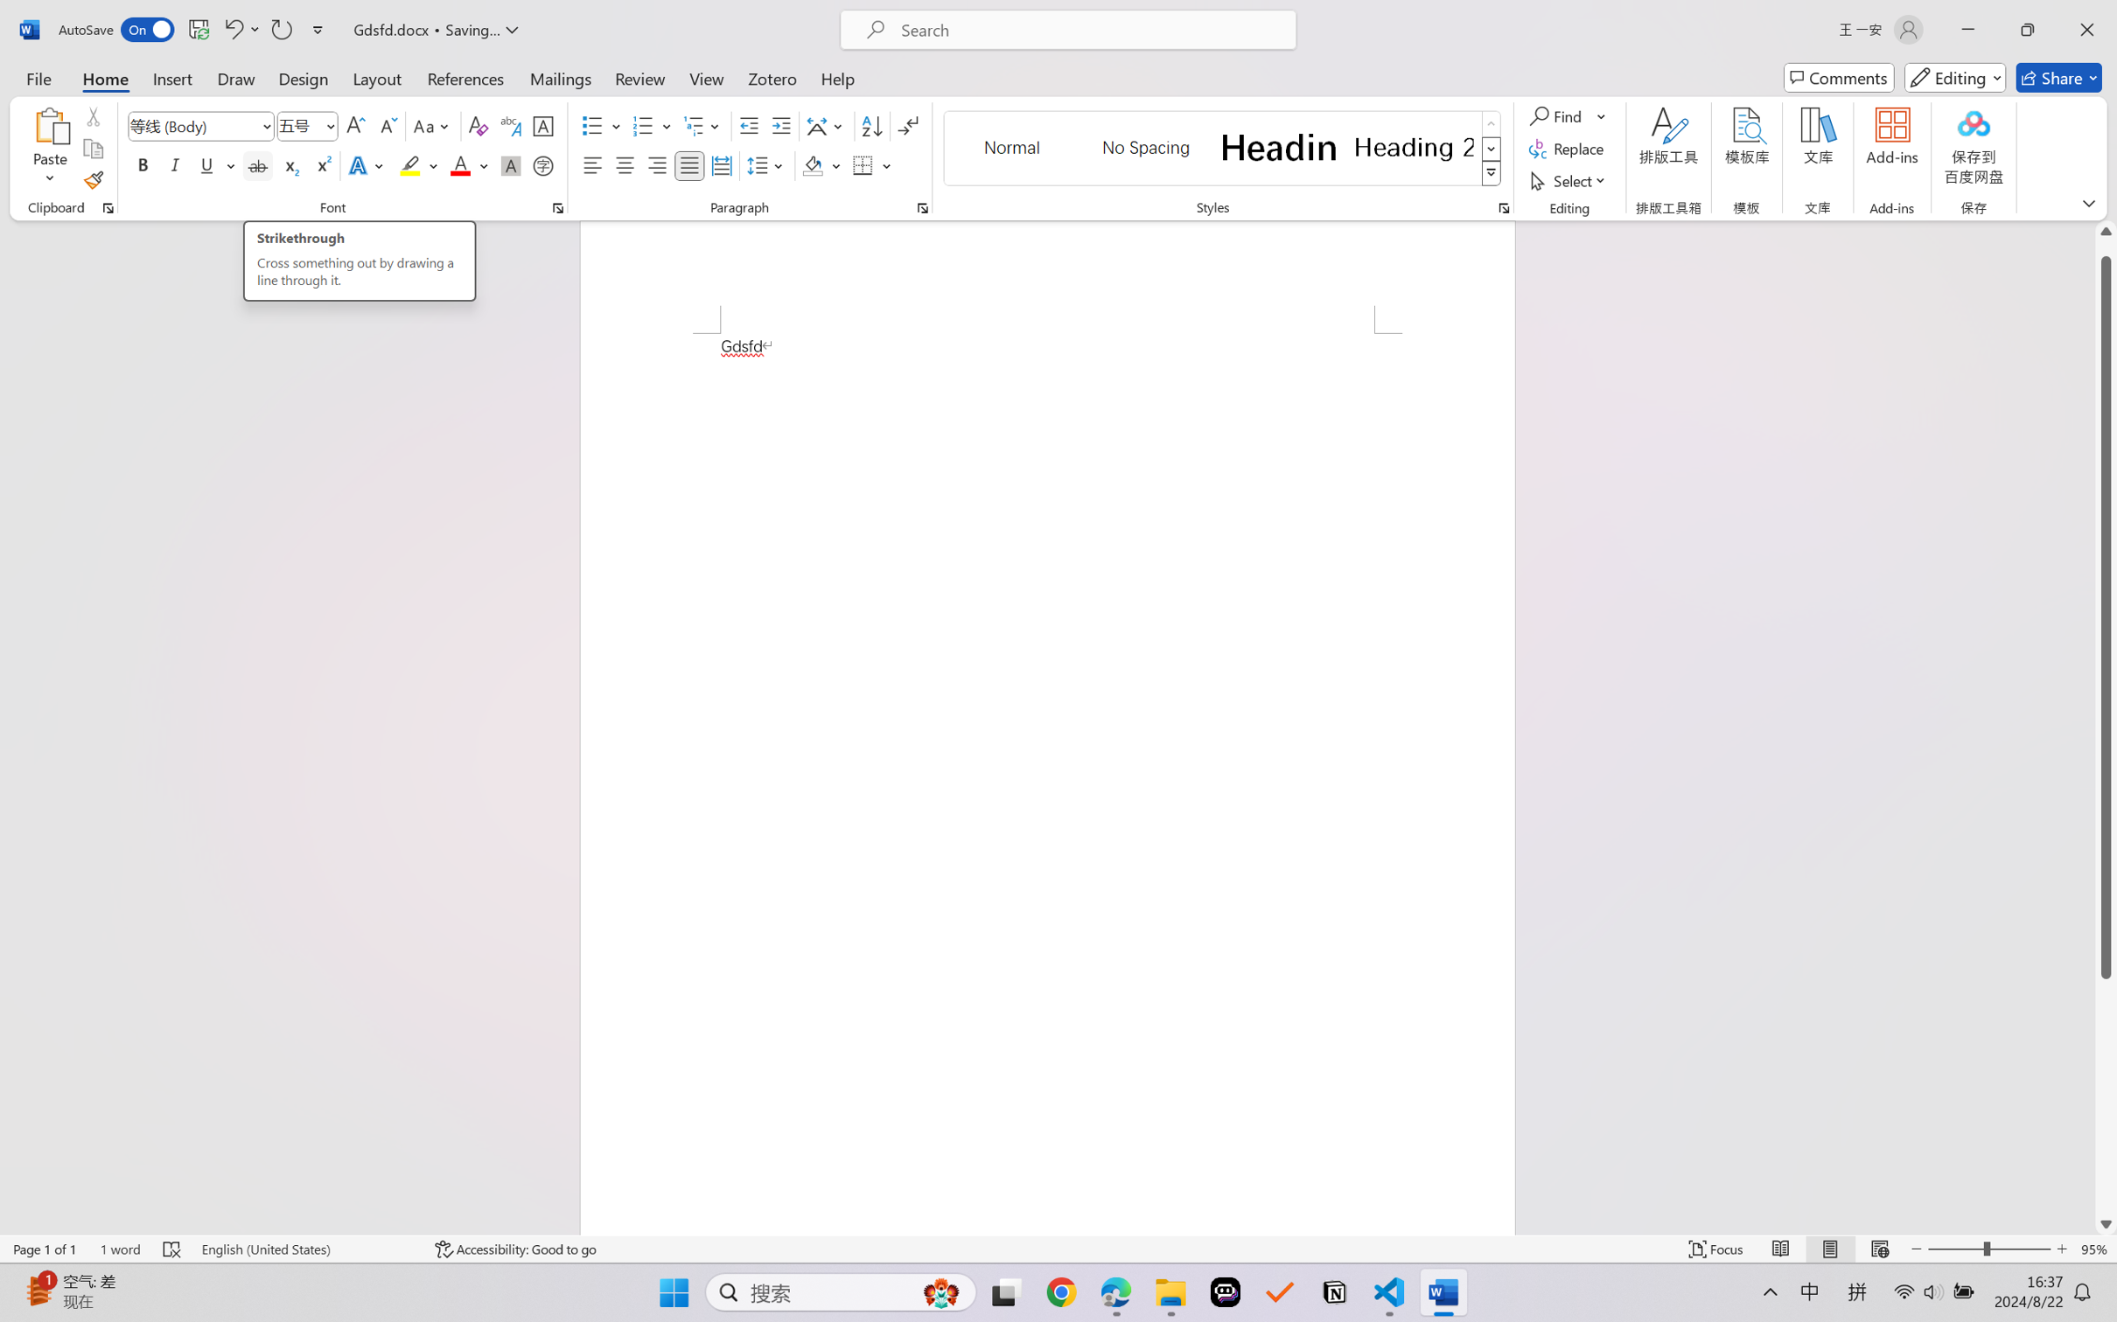 The image size is (2117, 1322). What do you see at coordinates (461, 164) in the screenshot?
I see `'Font Color Red'` at bounding box center [461, 164].